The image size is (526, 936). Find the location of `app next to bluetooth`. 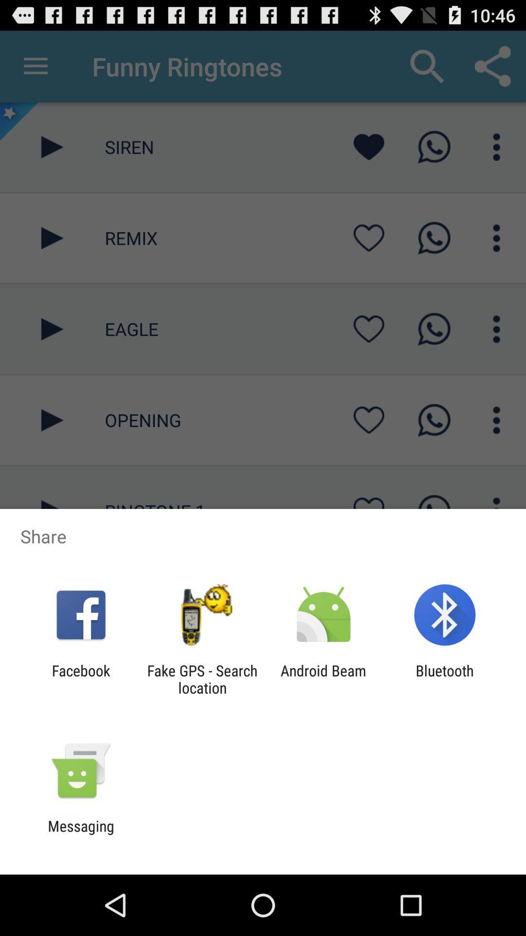

app next to bluetooth is located at coordinates (323, 679).